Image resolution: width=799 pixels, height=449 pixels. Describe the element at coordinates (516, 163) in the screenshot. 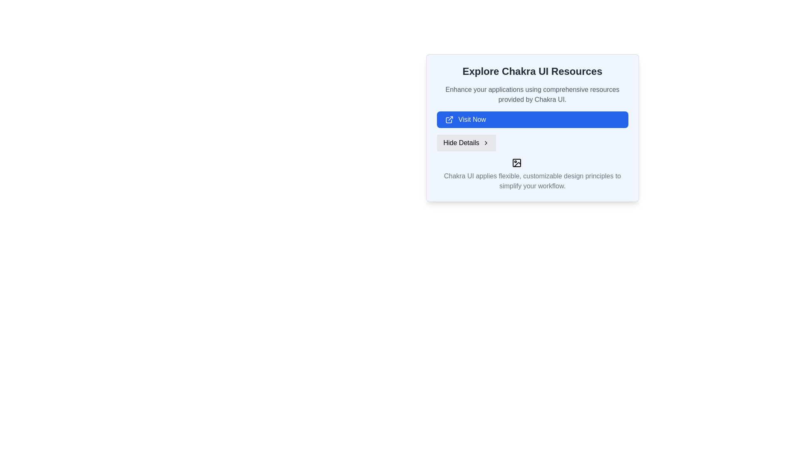

I see `the image placeholder icon with rounded corners and a black border, located above the text 'Chakra UI applies flexible, customizable design principles to simplify your workflow.'` at that location.